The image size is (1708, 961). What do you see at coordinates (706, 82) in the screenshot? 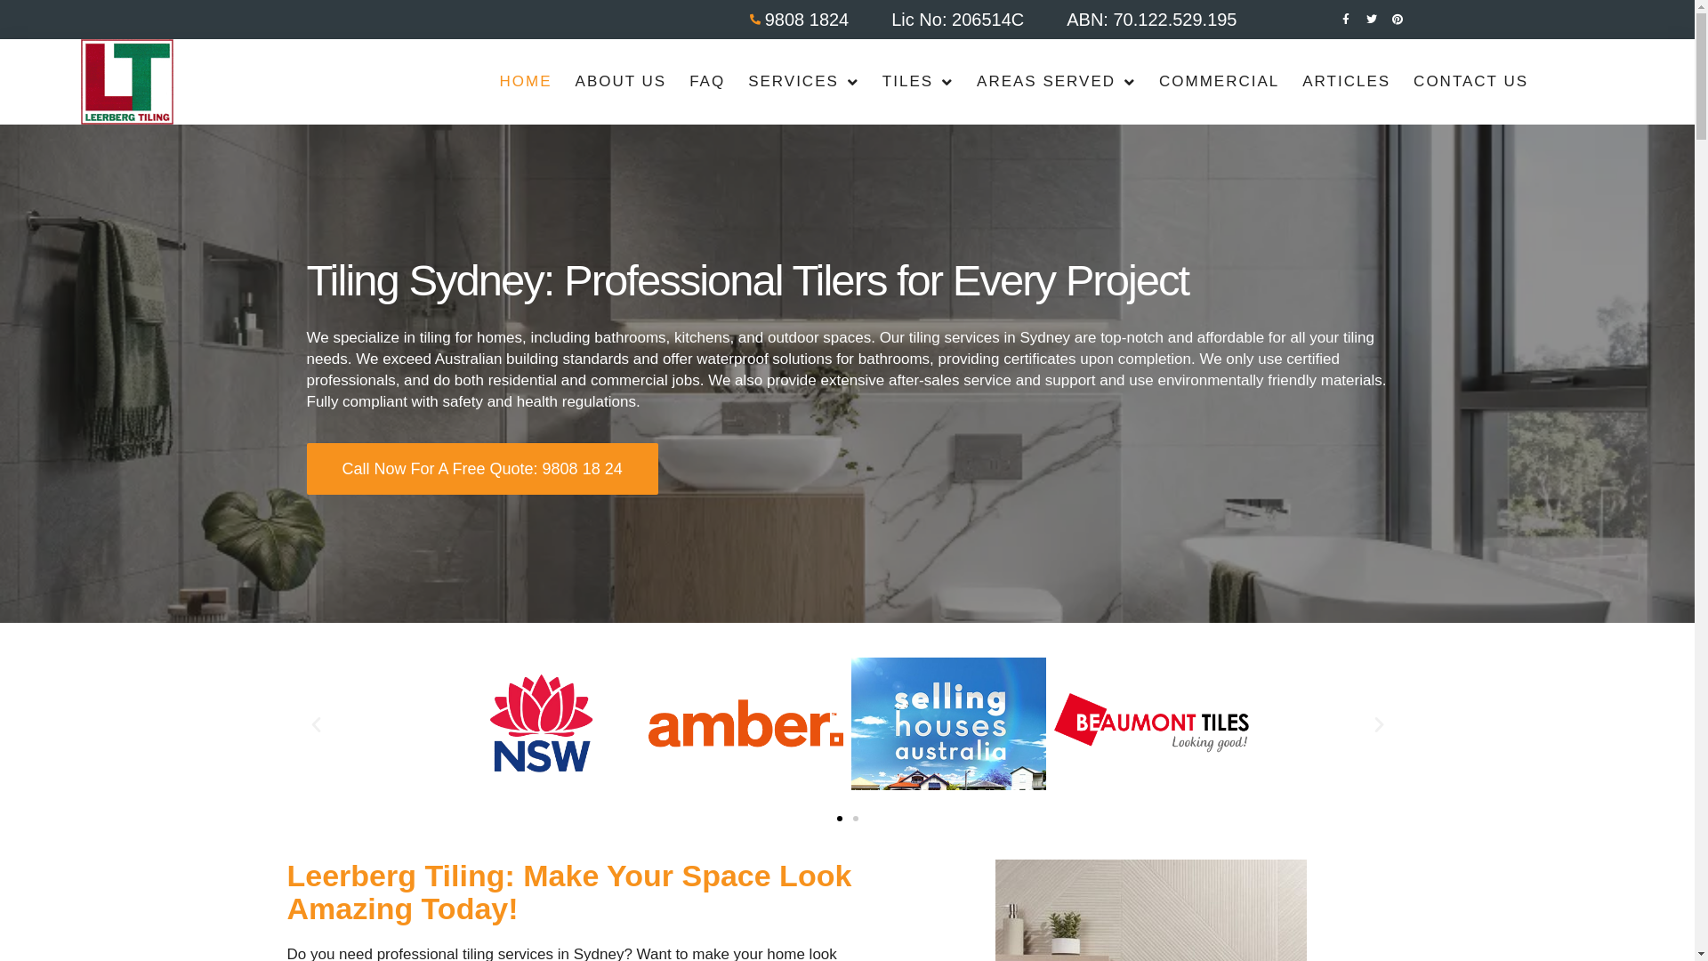
I see `'FAQ'` at bounding box center [706, 82].